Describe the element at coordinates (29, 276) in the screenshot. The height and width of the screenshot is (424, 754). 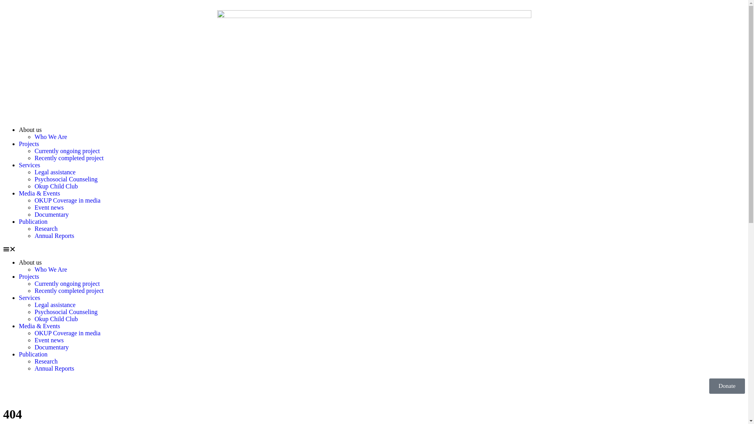
I see `'Projects'` at that location.